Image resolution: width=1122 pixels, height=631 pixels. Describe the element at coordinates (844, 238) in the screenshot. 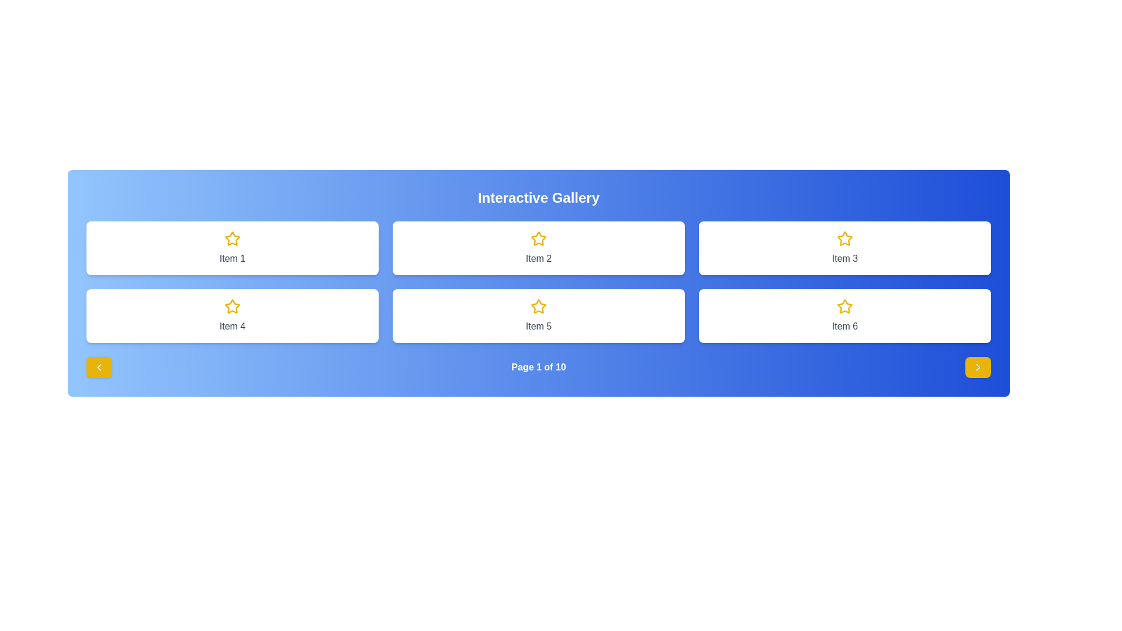

I see `the star-shaped icon with a yellow border located in the third column of the first row, which is associated with 'Item 3'` at that location.